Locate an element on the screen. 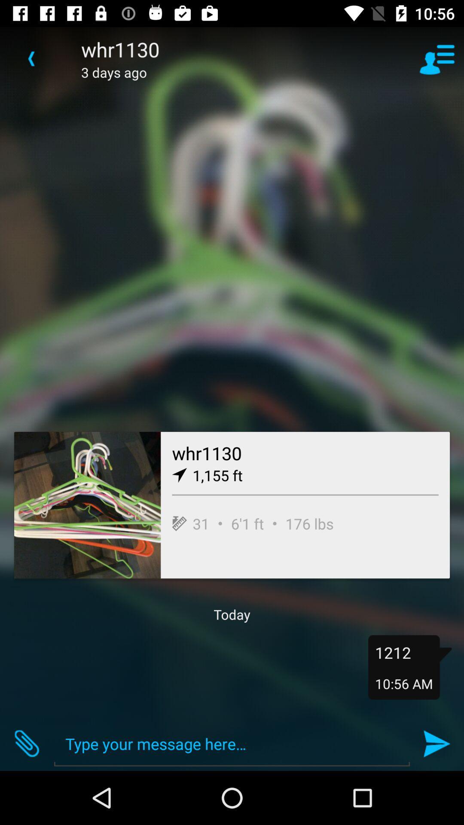  the send icon is located at coordinates (437, 743).